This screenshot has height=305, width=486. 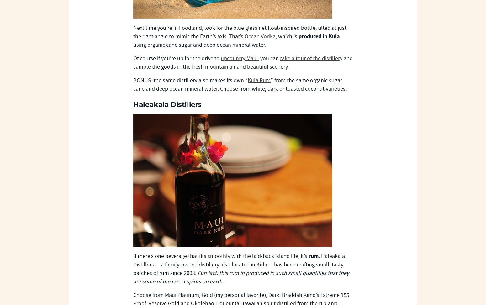 I want to click on 'upcountry Maui', so click(x=221, y=58).